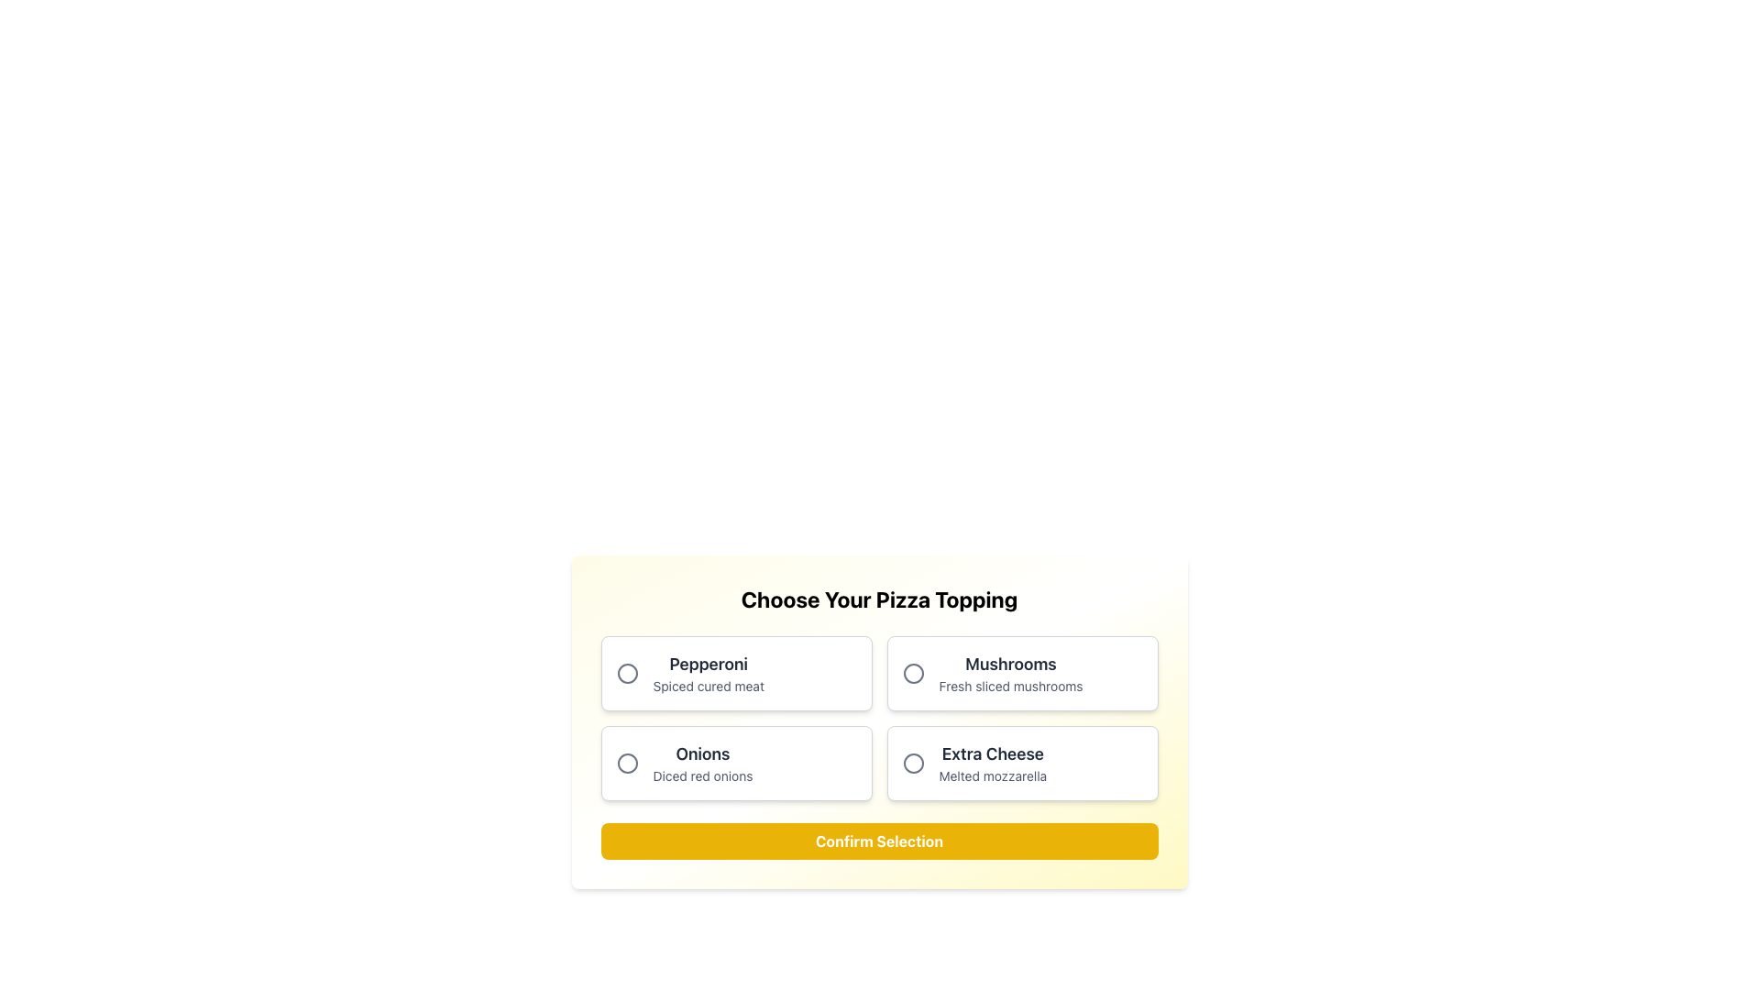 This screenshot has width=1760, height=990. I want to click on the circular radio button or checkbox for the 'Onions' topping located in the bottom-left area under the pizza toppings section, so click(627, 764).